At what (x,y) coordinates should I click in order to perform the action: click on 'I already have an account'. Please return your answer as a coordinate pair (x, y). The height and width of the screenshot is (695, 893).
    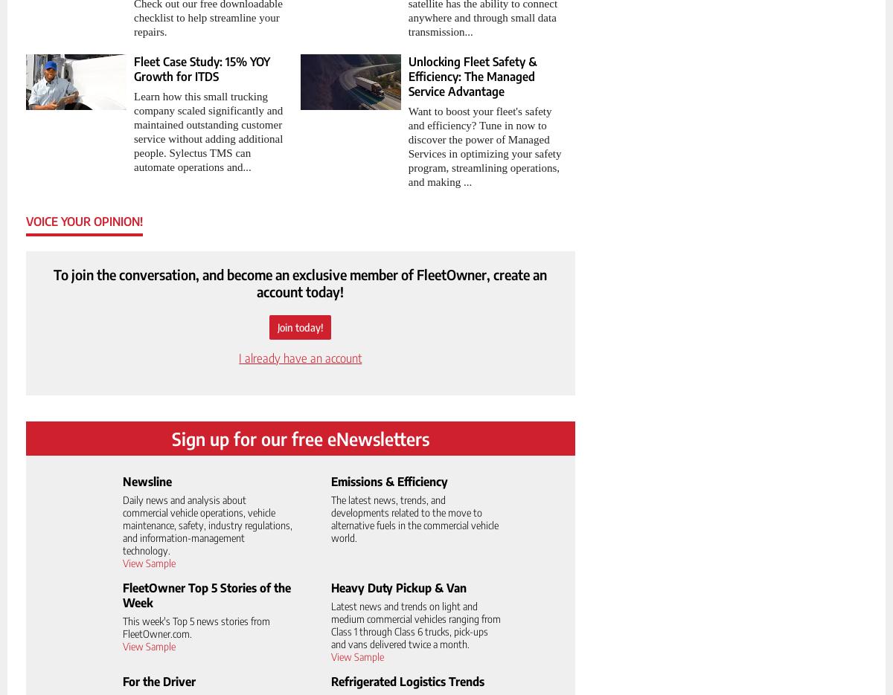
    Looking at the image, I should click on (300, 357).